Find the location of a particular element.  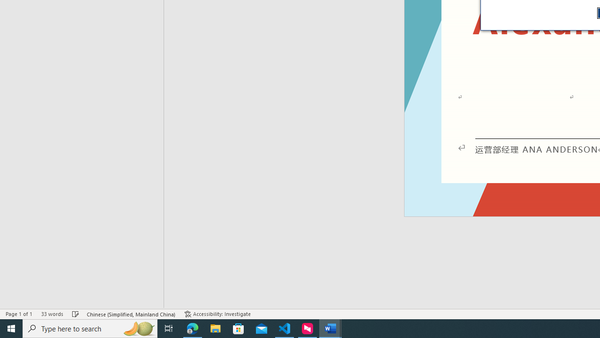

'Spelling and Grammar Check Checking' is located at coordinates (75, 314).